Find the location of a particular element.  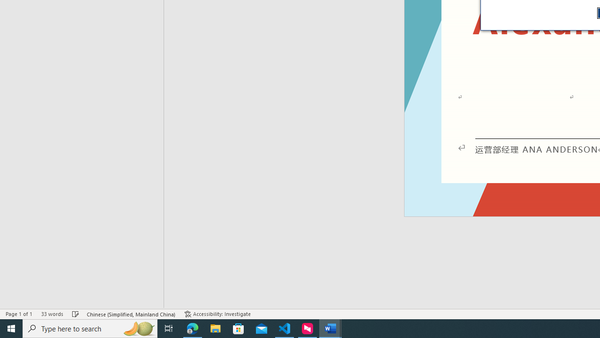

'Spelling and Grammar Check Checking' is located at coordinates (75, 314).